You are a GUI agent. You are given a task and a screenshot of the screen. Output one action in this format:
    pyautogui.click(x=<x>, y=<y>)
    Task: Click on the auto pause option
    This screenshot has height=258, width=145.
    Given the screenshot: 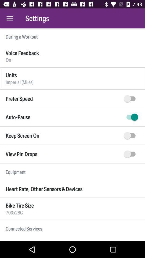 What is the action you would take?
    pyautogui.click(x=130, y=117)
    